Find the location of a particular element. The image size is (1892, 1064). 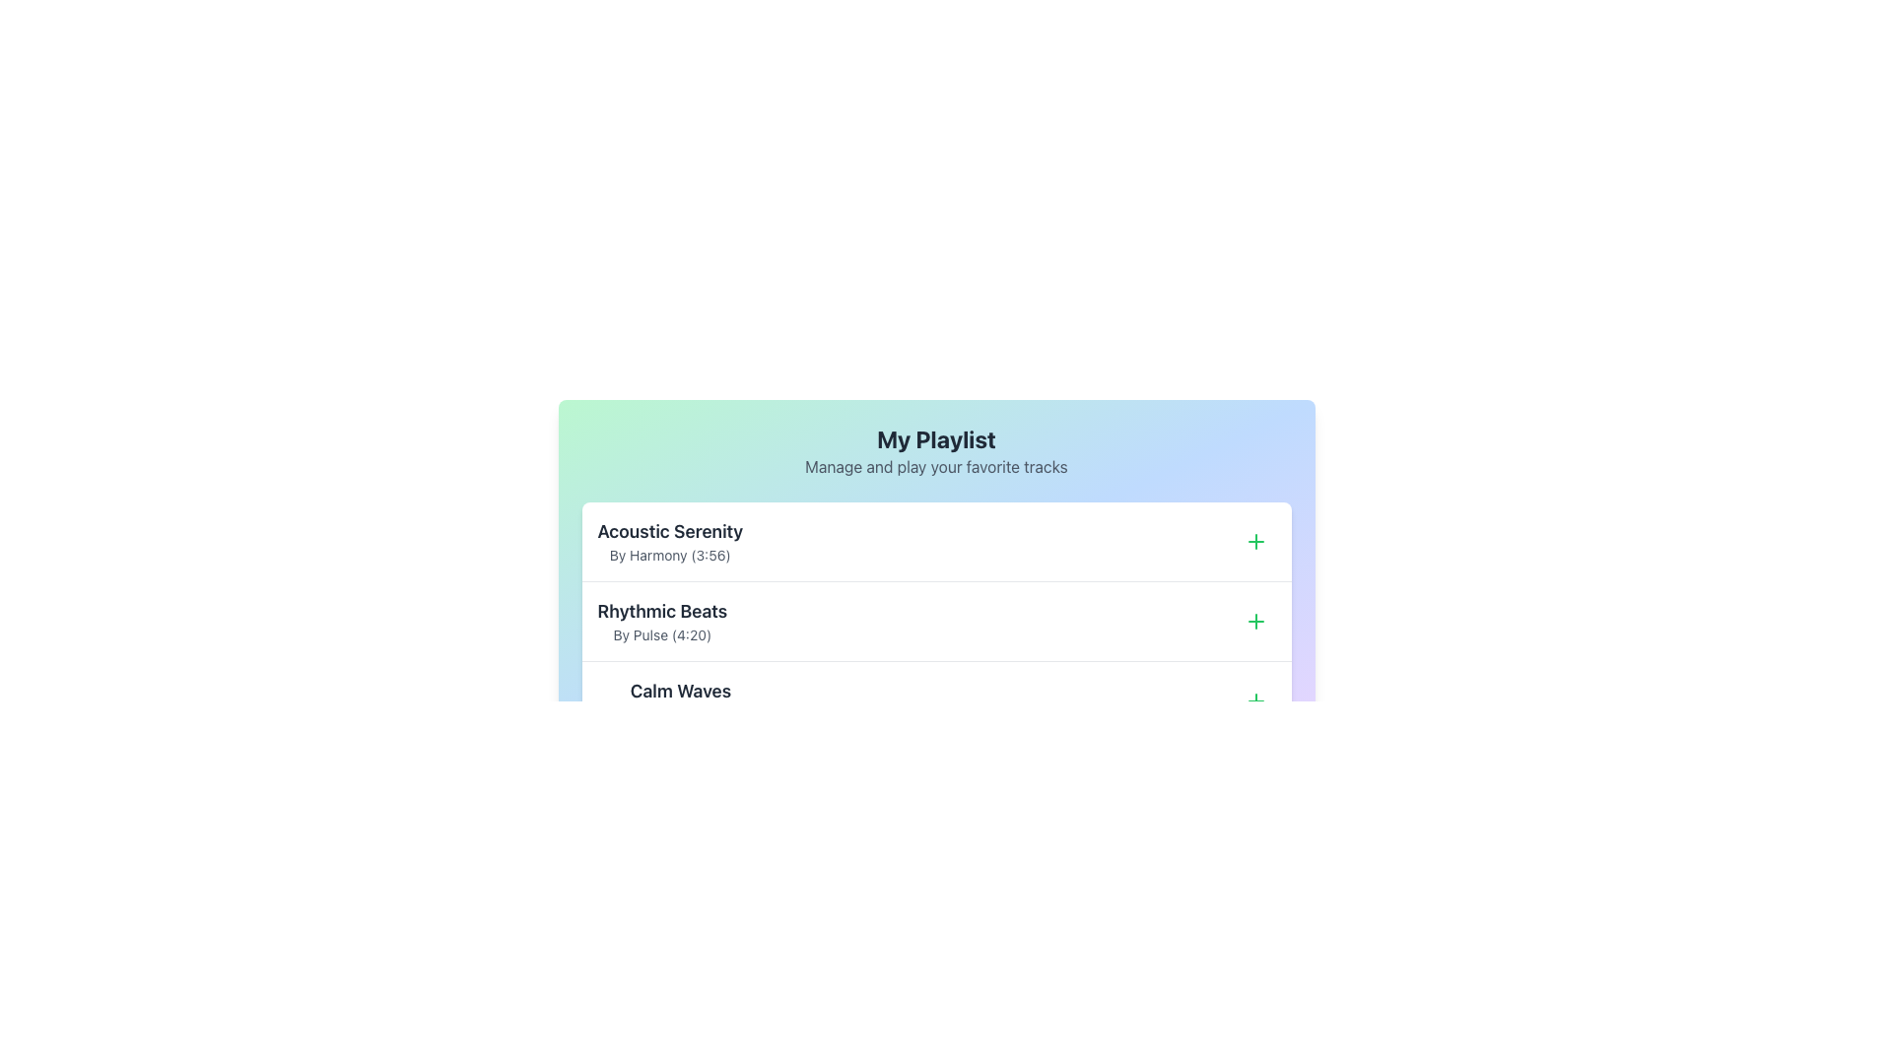

the circular green plus icon button on the far right of the interface is located at coordinates (1254, 542).